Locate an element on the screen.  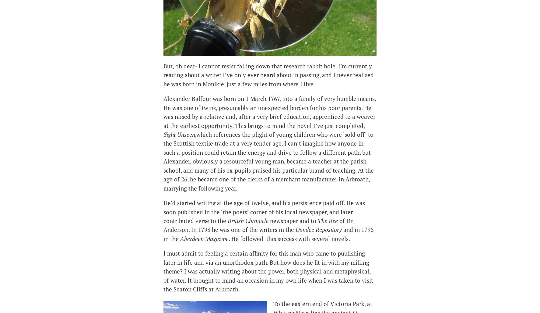
',which references the plight of young children who were ‘sold off’ to the Scottish textile trade at a very tender age. I can’t imagine how anyone in such a position could retain the energy and drive to follow a different path, but Alexander, obviously a resourceful young man, became a teacher at the parish school, and many of his ex-pupils praised his particular brand of teaching. At the age of 26, he became one of the clerks of a merchant manufacturer in Arbroath, marrying the following year.' is located at coordinates (268, 161).